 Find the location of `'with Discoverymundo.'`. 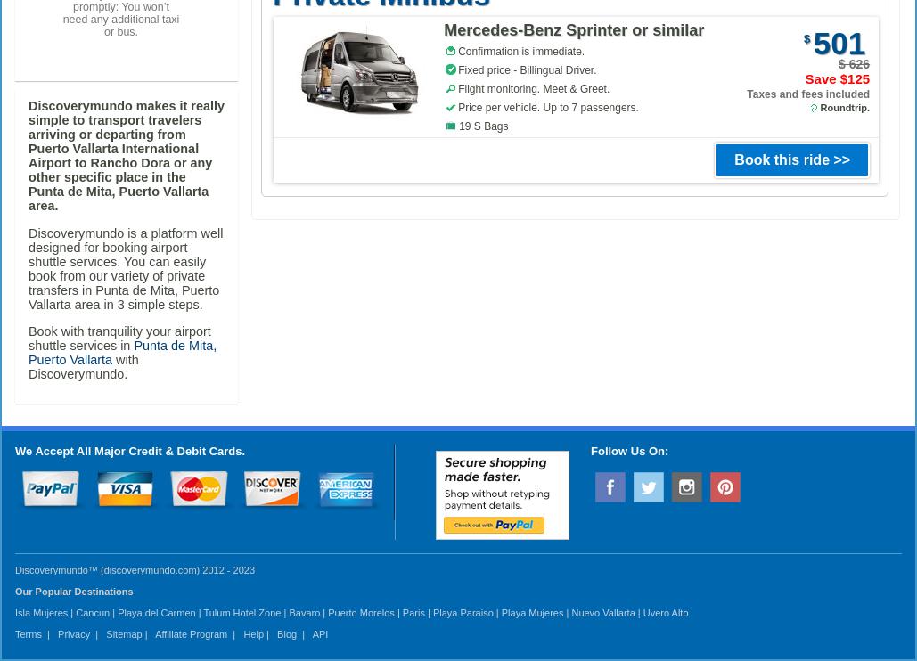

'with Discoverymundo.' is located at coordinates (29, 367).